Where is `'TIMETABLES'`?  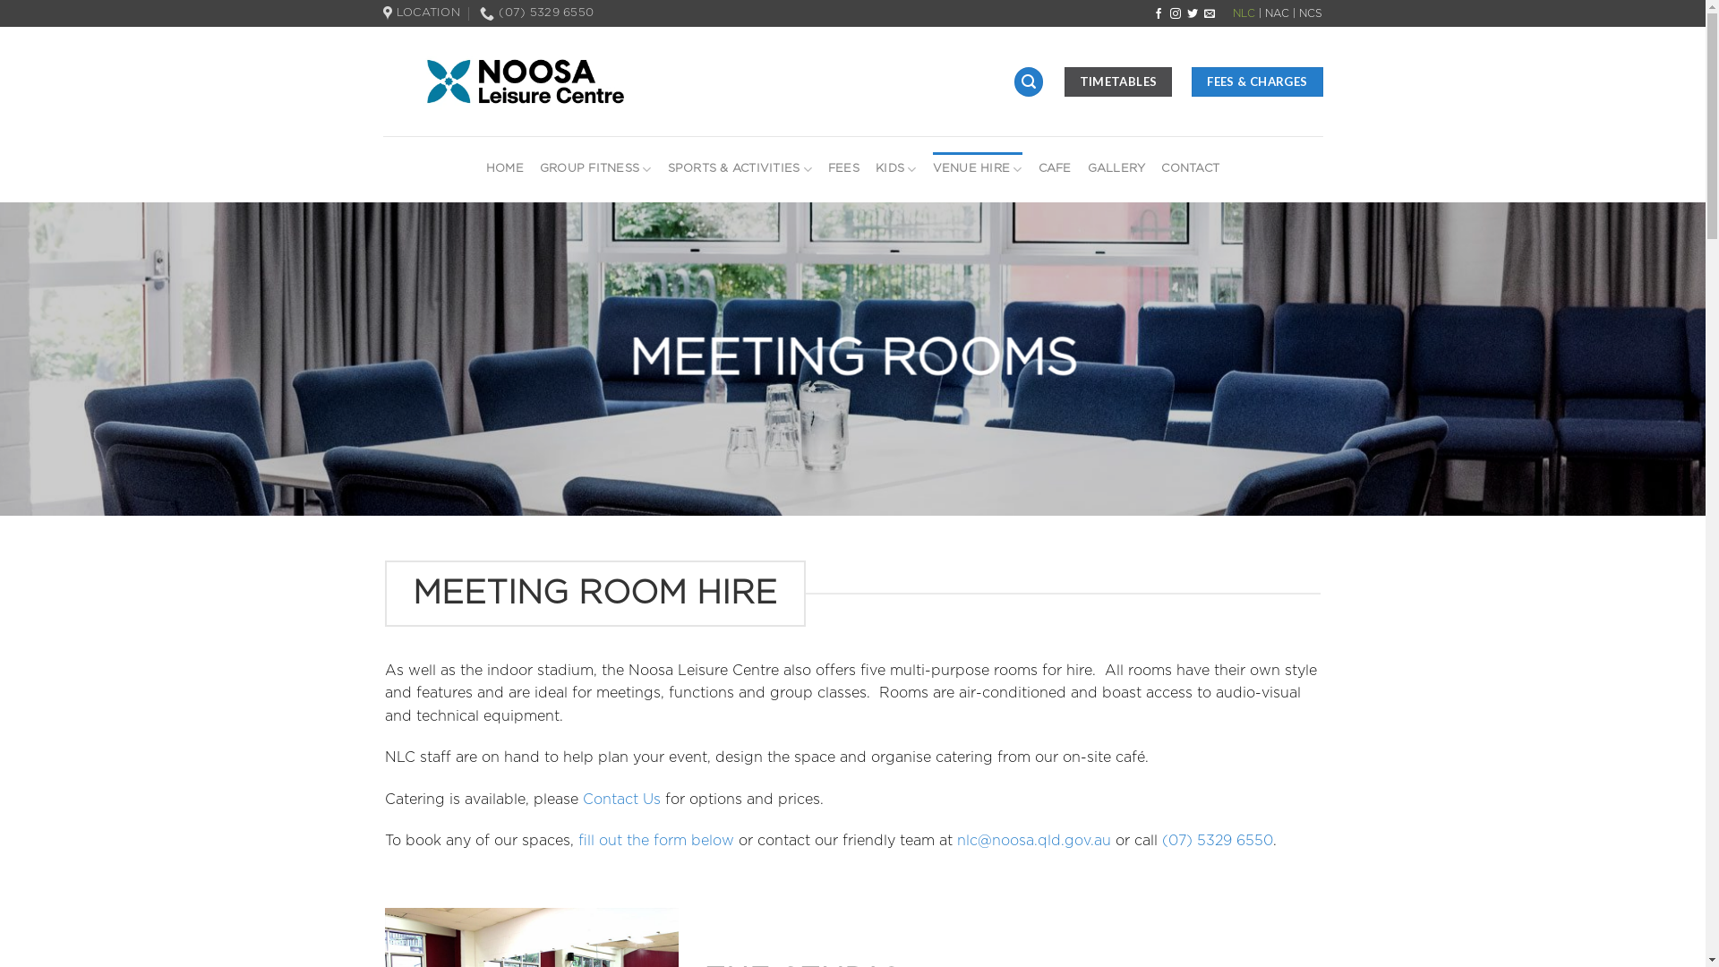
'TIMETABLES' is located at coordinates (1117, 82).